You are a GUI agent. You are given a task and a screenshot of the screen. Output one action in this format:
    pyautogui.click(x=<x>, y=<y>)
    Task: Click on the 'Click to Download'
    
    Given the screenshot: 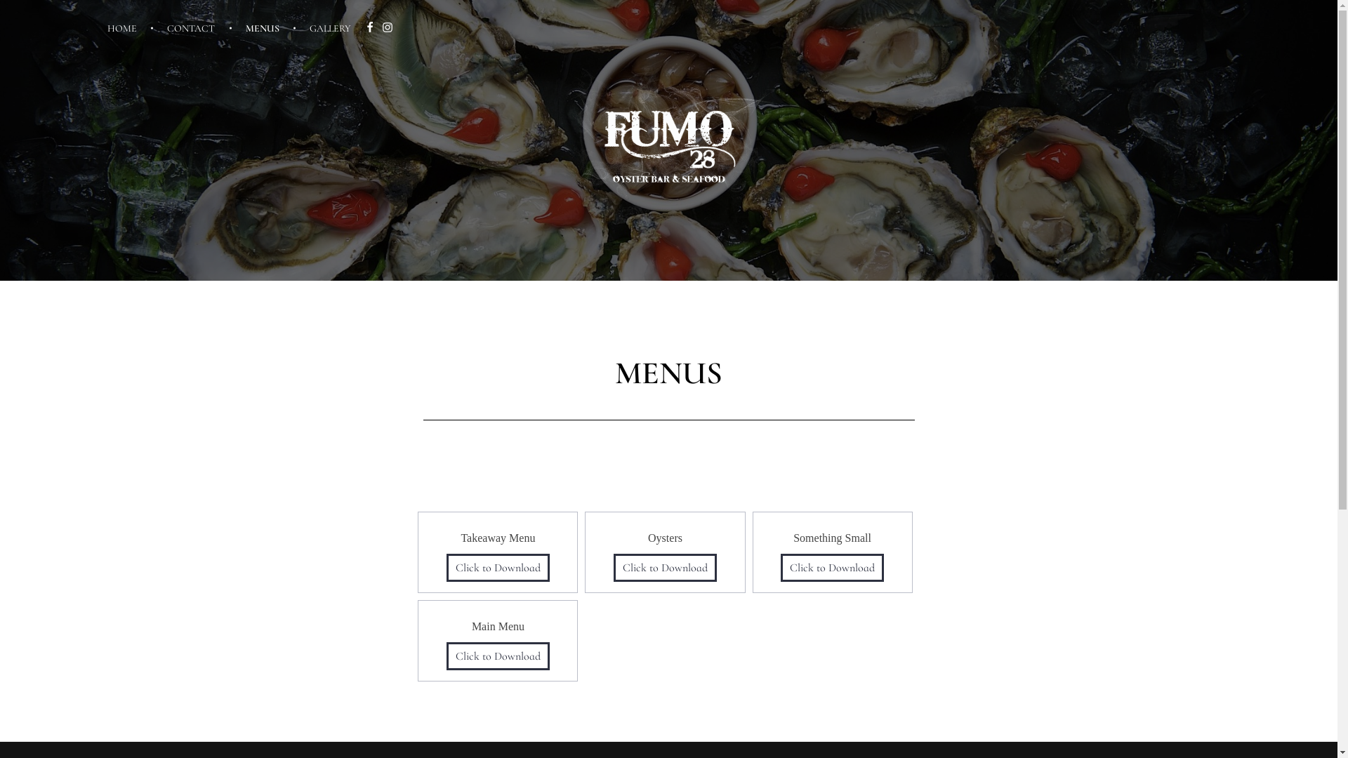 What is the action you would take?
    pyautogui.click(x=780, y=567)
    